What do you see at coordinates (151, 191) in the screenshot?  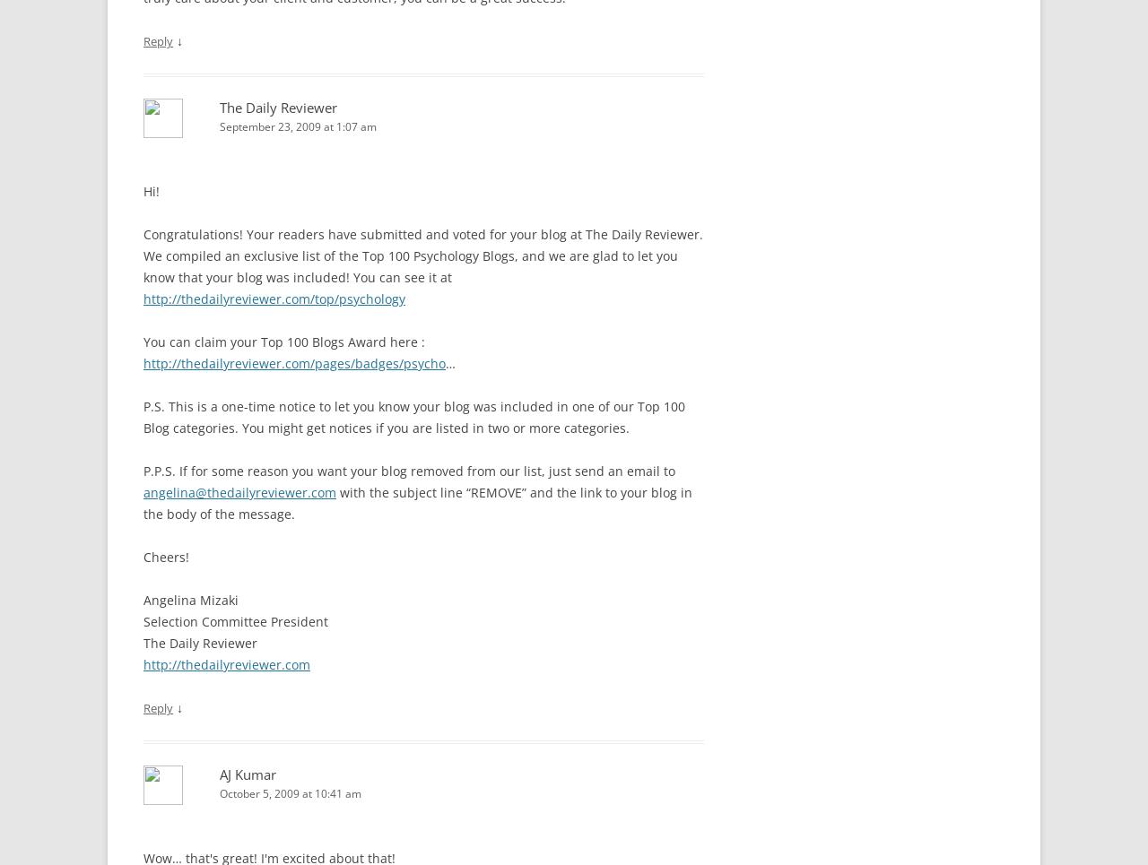 I see `'Hi!'` at bounding box center [151, 191].